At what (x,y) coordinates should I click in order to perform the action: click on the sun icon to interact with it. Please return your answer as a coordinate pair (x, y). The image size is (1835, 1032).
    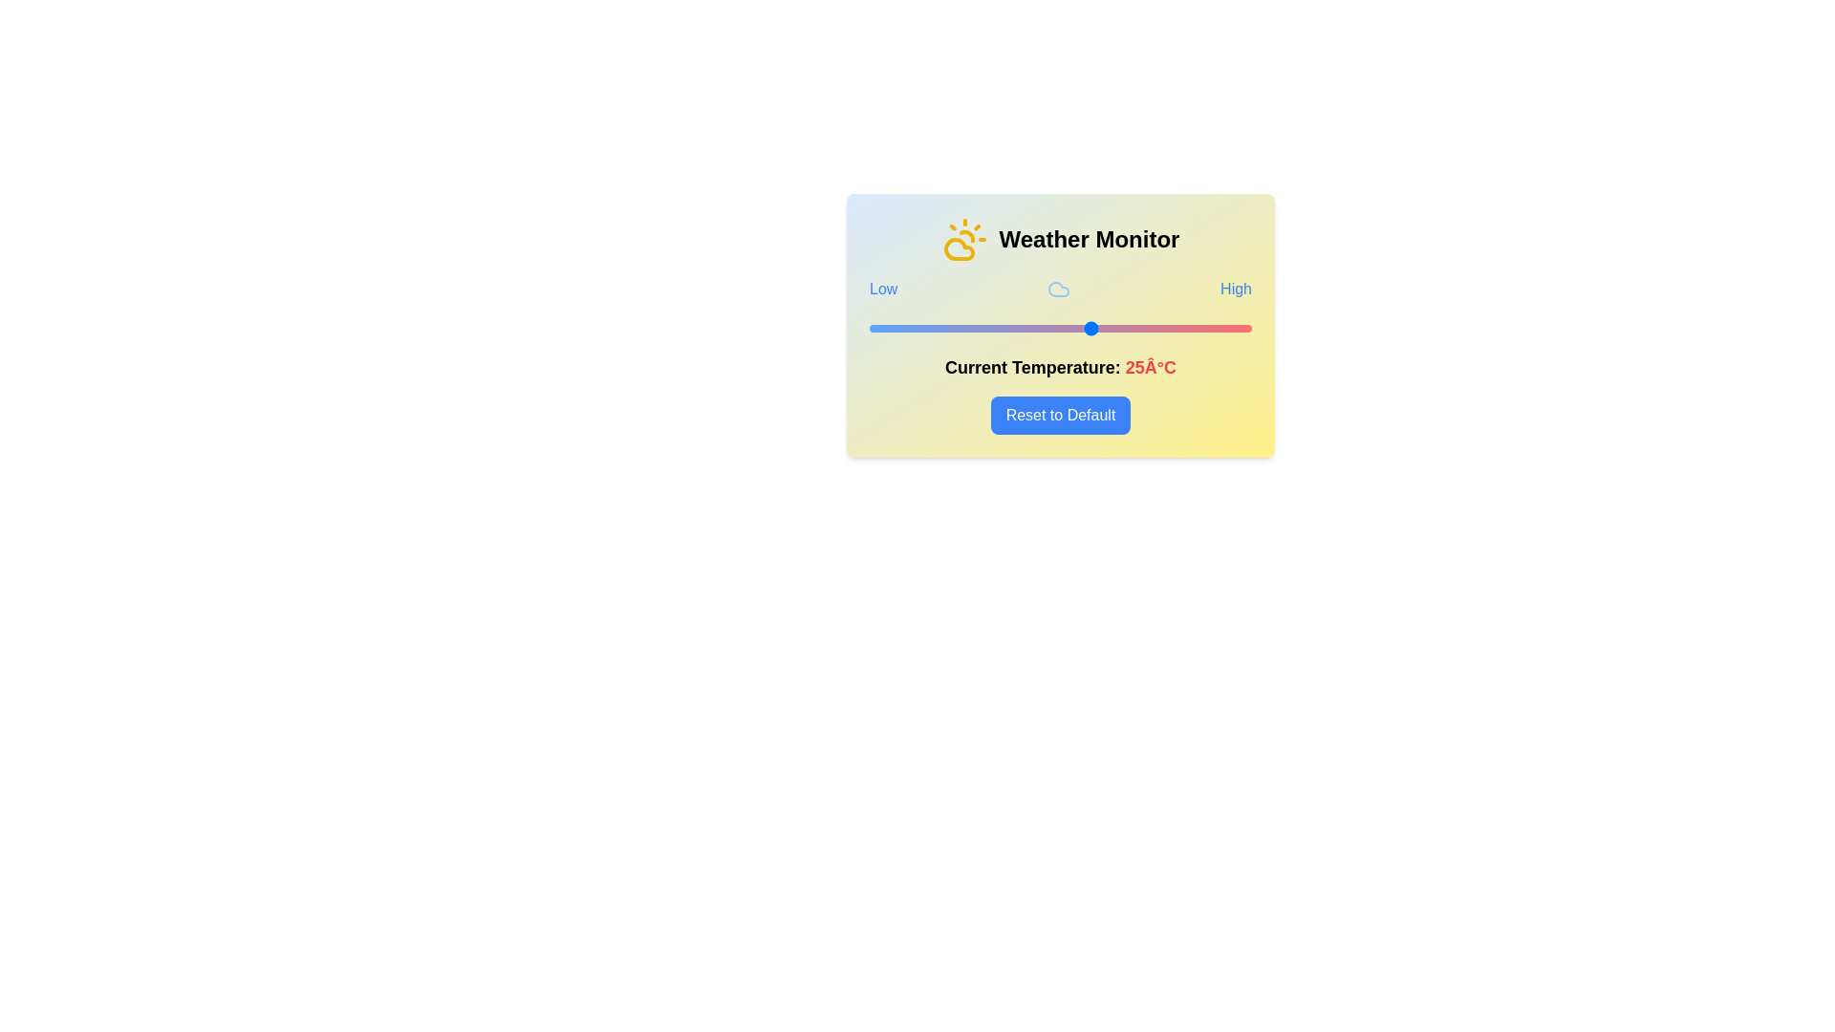
    Looking at the image, I should click on (964, 238).